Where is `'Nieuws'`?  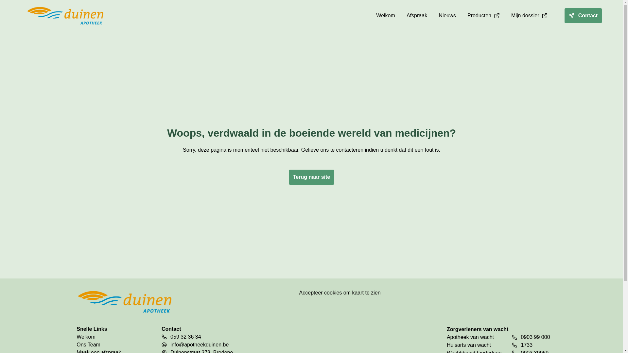 'Nieuws' is located at coordinates (447, 15).